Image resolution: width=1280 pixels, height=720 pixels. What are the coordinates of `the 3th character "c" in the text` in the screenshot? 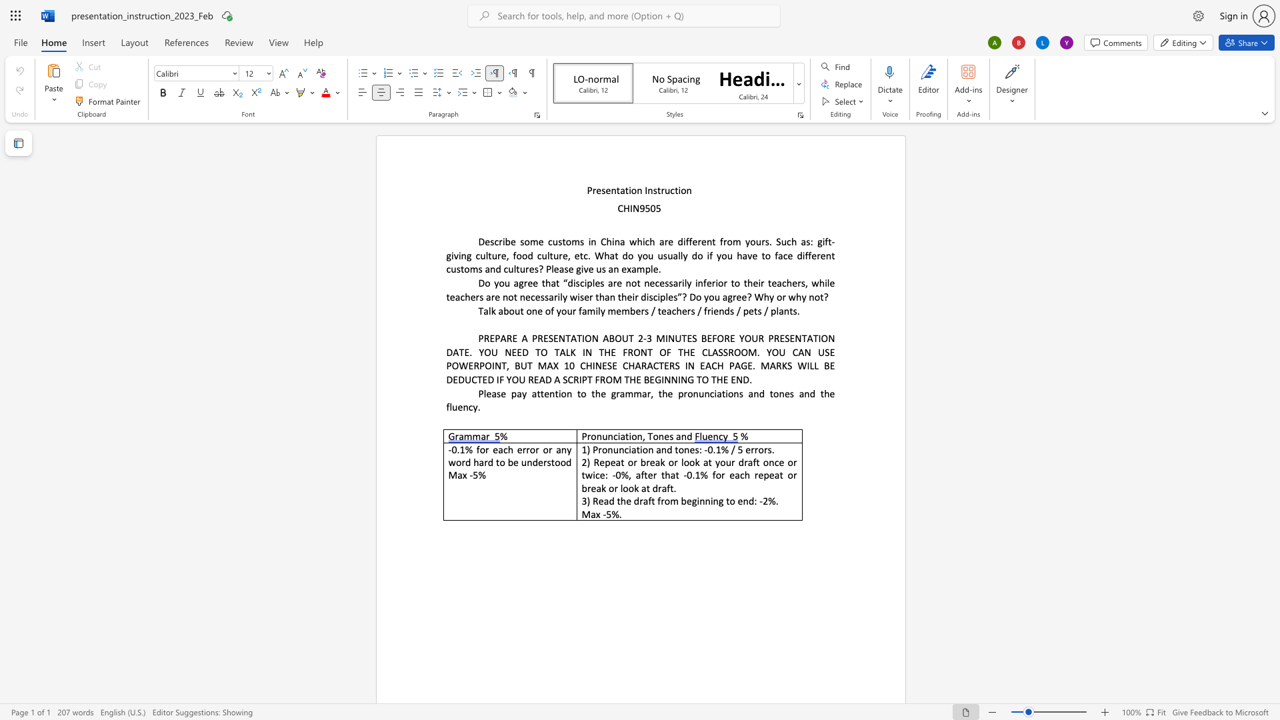 It's located at (647, 241).